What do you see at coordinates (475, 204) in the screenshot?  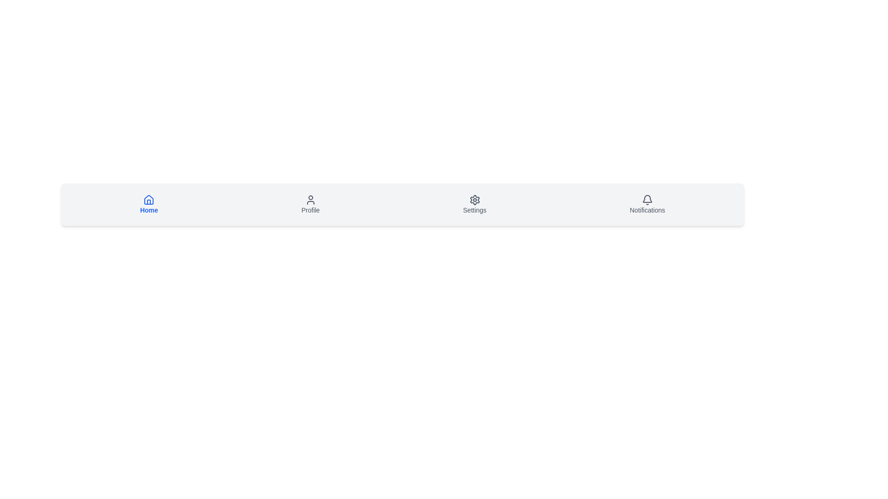 I see `the settings button located in the navigation bar between 'Profile' and 'Notifications' to observe a visual effect` at bounding box center [475, 204].